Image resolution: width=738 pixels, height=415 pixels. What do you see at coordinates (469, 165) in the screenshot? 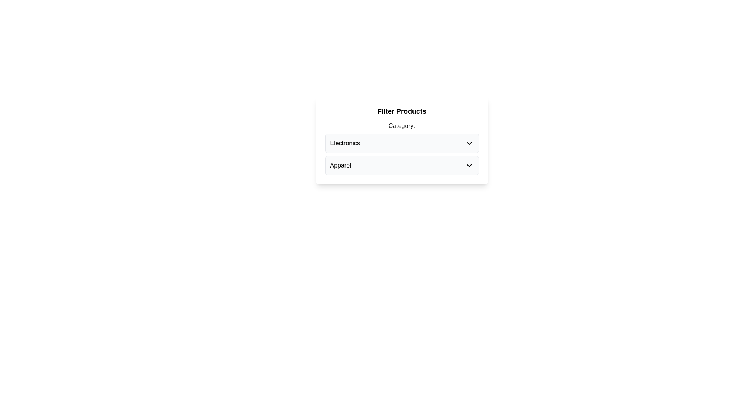
I see `the downward pointing chevron icon that serves as the dropdown indicator for the 'Apparel' item to possibly prompt a visual change` at bounding box center [469, 165].